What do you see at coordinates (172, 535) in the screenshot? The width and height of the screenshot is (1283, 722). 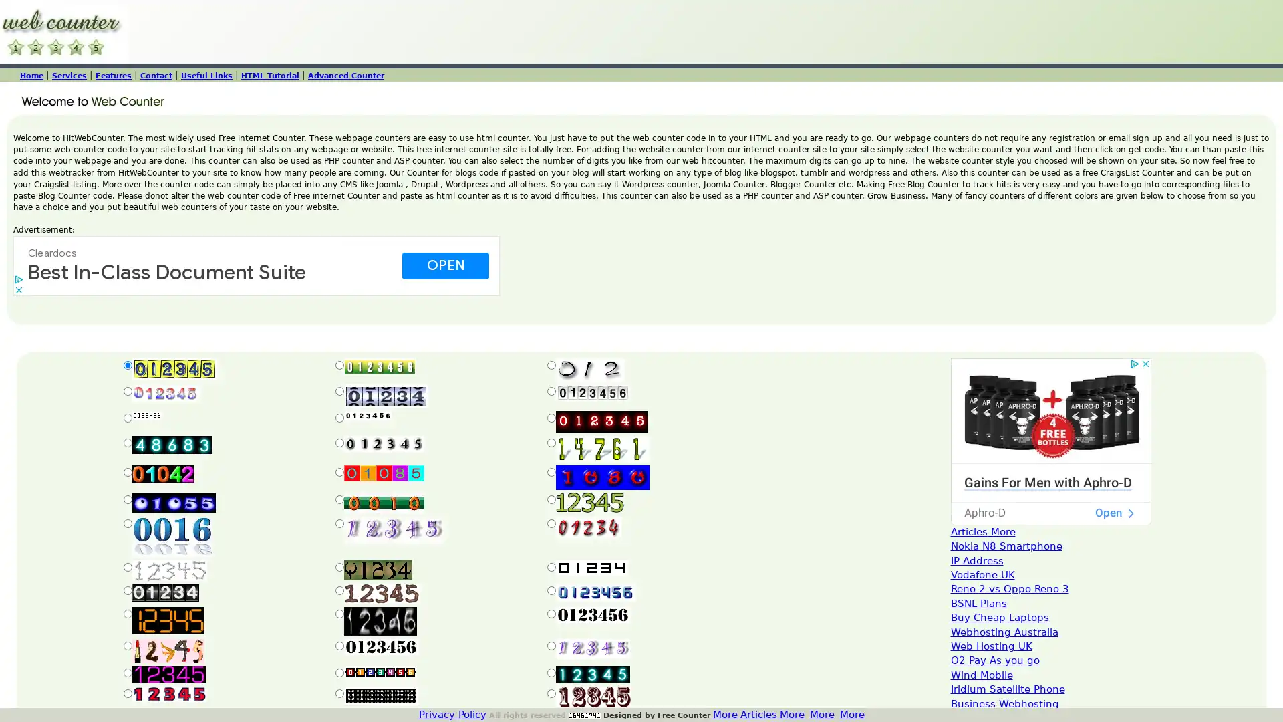 I see `Submit` at bounding box center [172, 535].